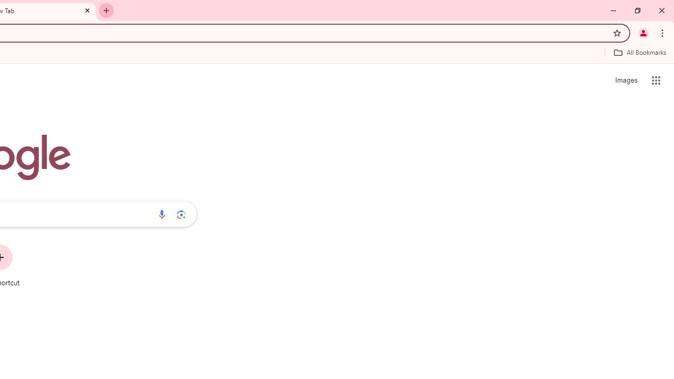 This screenshot has height=379, width=674. Describe the element at coordinates (637, 11) in the screenshot. I see `'Restore'` at that location.